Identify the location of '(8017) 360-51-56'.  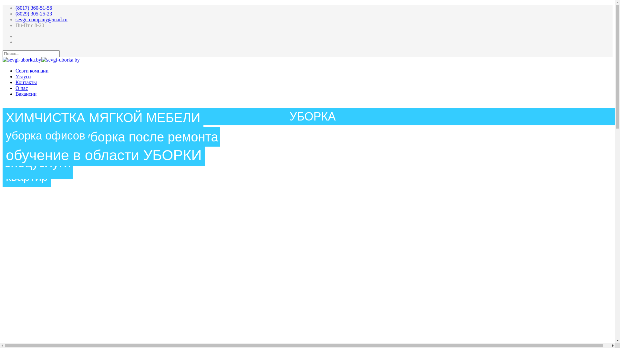
(33, 8).